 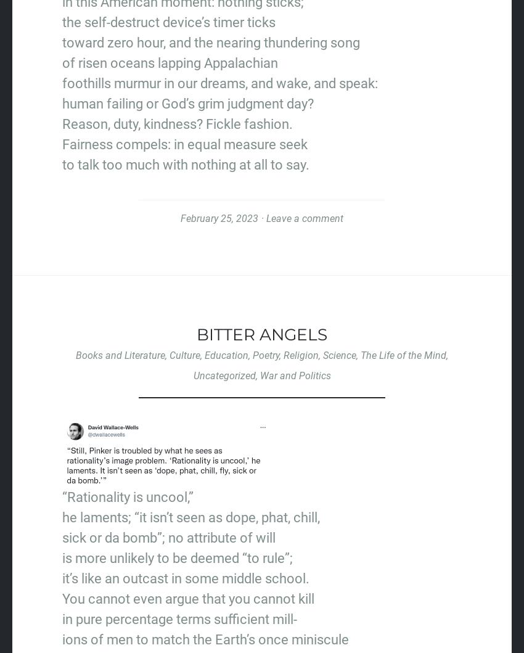 What do you see at coordinates (265, 355) in the screenshot?
I see `'Poetry'` at bounding box center [265, 355].